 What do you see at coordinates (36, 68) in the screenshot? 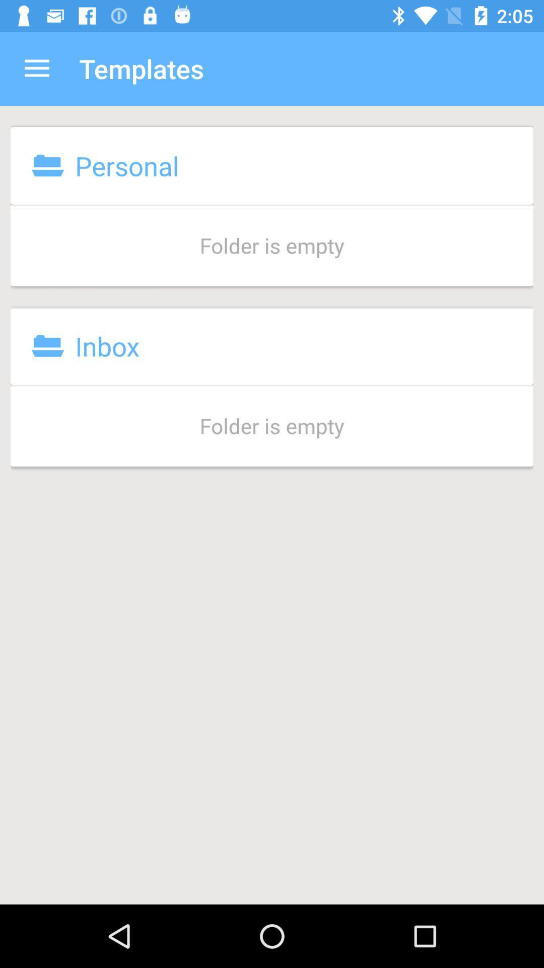
I see `icon above the personal` at bounding box center [36, 68].